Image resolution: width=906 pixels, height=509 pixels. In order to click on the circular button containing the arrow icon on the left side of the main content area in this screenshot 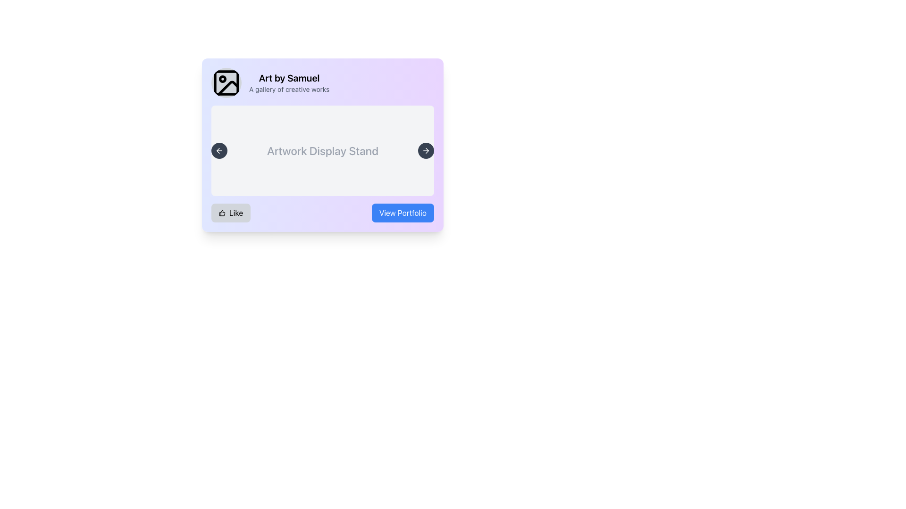, I will do `click(219, 150)`.